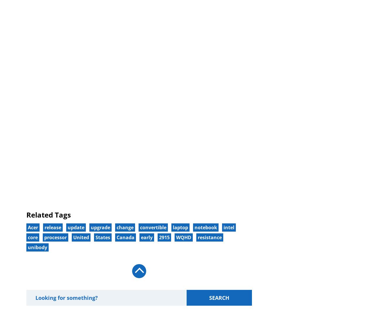 The height and width of the screenshot is (313, 375). What do you see at coordinates (81, 237) in the screenshot?
I see `'United'` at bounding box center [81, 237].